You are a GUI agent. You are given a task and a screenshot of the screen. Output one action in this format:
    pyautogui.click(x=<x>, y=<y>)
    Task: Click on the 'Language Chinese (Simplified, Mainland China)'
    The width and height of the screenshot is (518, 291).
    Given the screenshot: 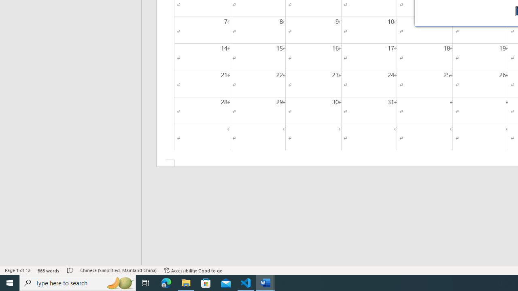 What is the action you would take?
    pyautogui.click(x=118, y=270)
    